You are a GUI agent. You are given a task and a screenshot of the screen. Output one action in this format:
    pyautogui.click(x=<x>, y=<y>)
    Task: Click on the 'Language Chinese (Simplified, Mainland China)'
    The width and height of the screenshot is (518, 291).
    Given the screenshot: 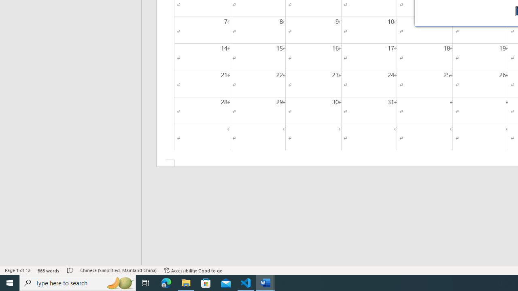 What is the action you would take?
    pyautogui.click(x=118, y=270)
    